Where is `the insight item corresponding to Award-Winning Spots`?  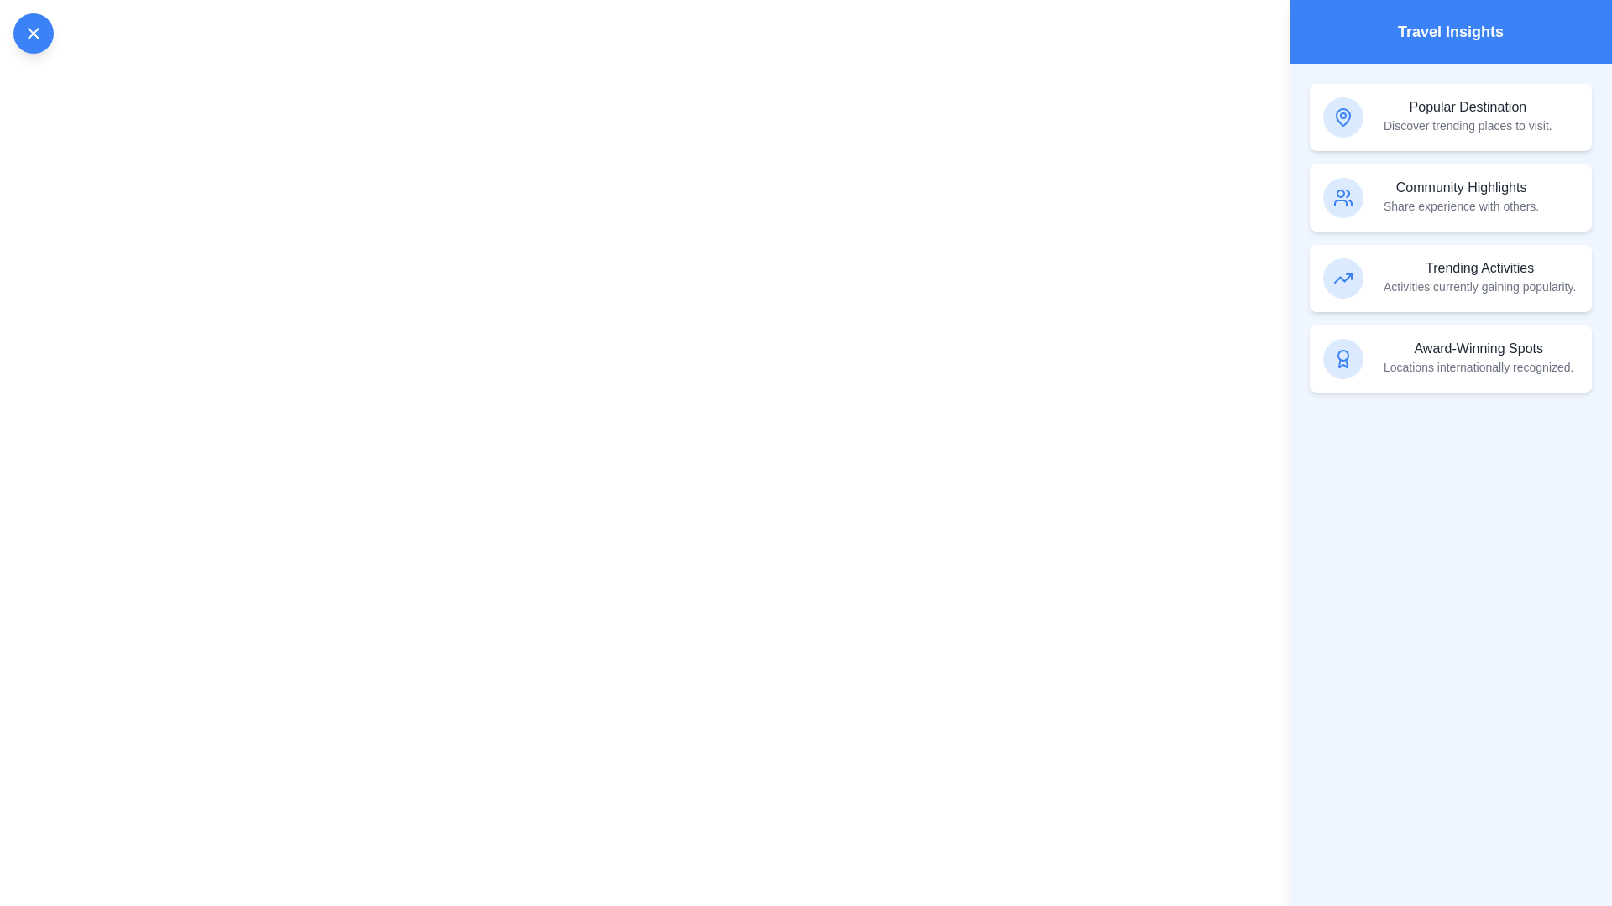
the insight item corresponding to Award-Winning Spots is located at coordinates (1450, 358).